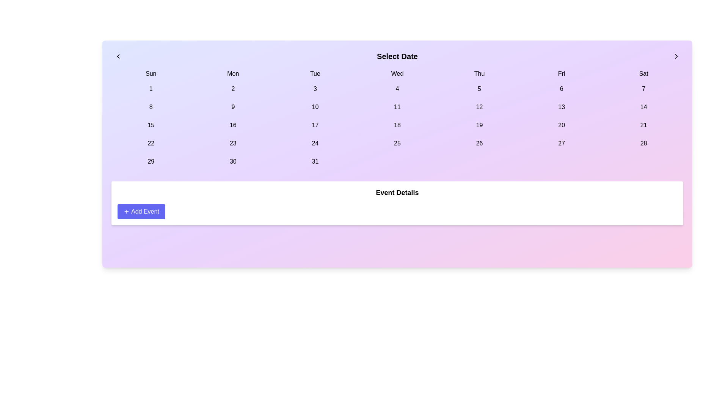  I want to click on the light purple button labeled '27' in the calendar grid interface located under the 'Fri' column header, so click(562, 143).